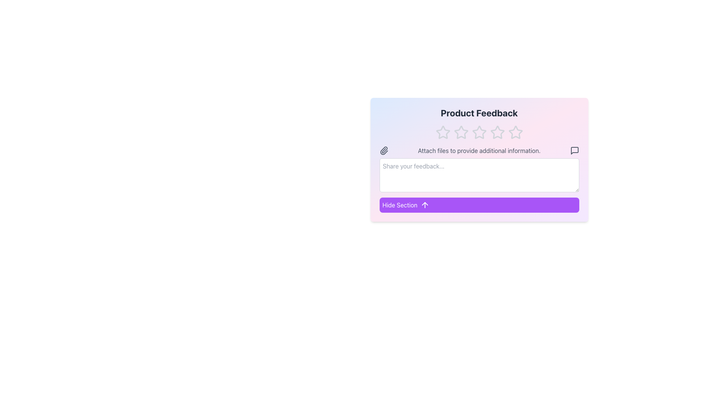 Image resolution: width=726 pixels, height=408 pixels. What do you see at coordinates (479, 150) in the screenshot?
I see `text label located within the 'Product Feedback' section, positioned between a clip-shaped icon on the left and a message bubble icon on the right, below the star icons and above the large text input area` at bounding box center [479, 150].